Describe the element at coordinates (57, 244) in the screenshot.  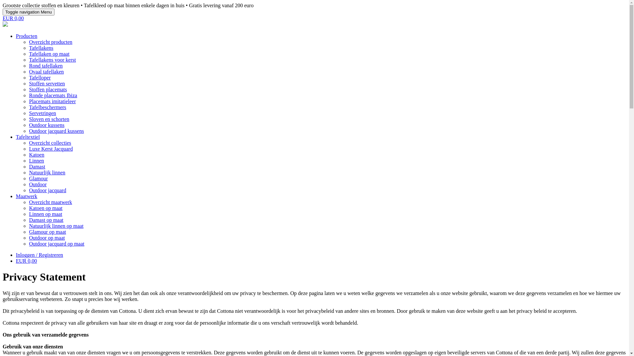
I see `'Outdoor jacquard op maat'` at that location.